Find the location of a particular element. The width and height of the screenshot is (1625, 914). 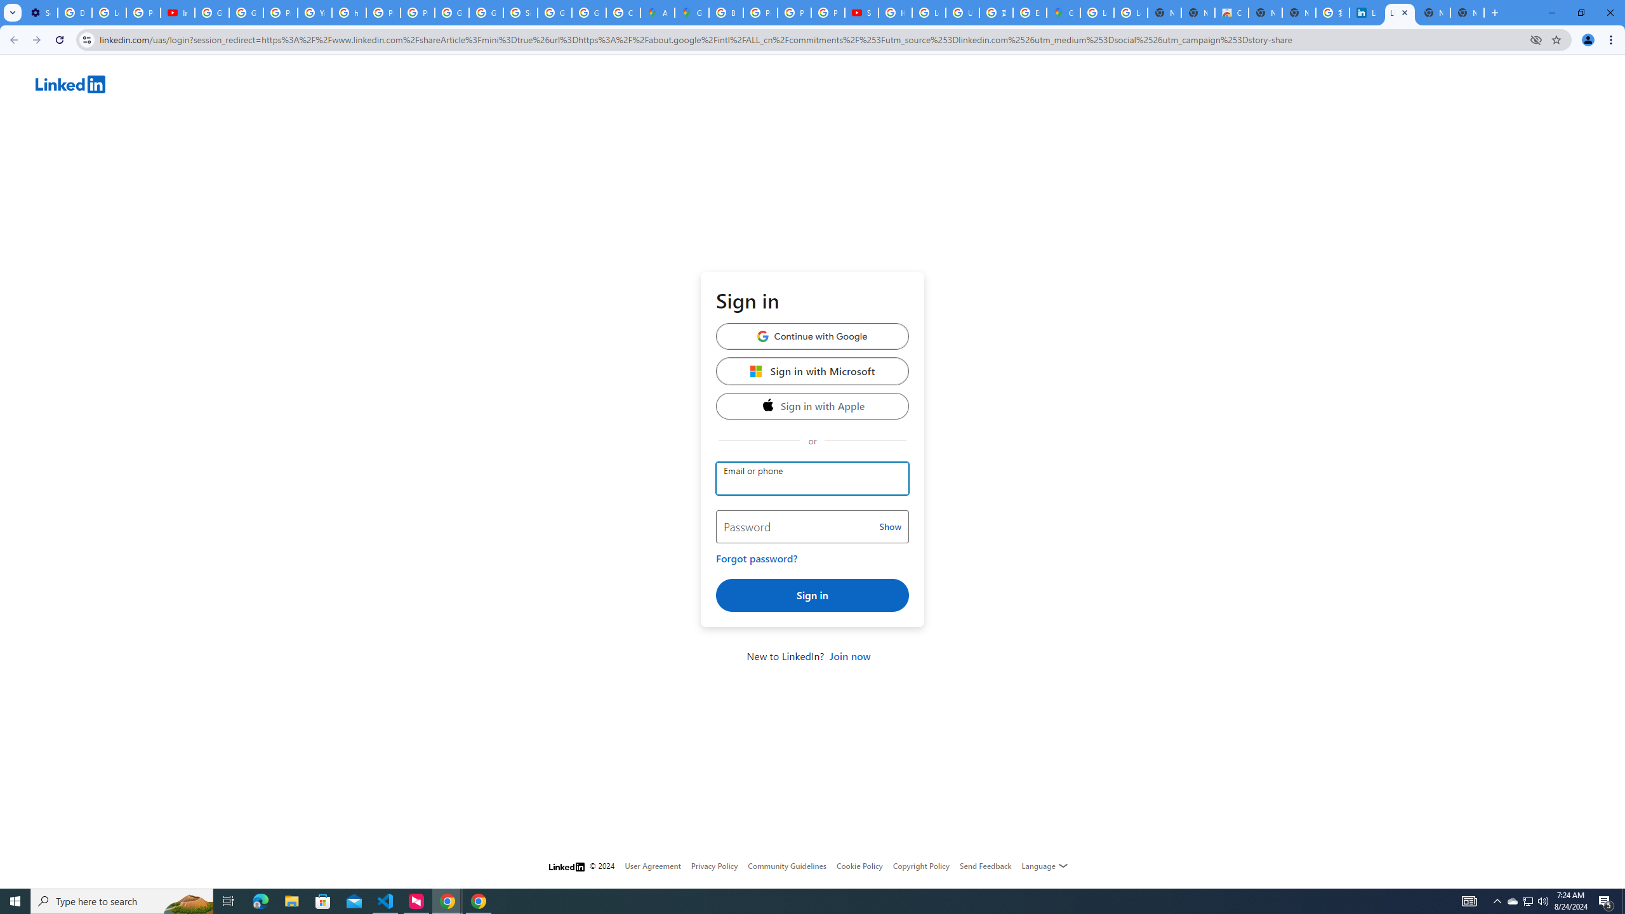

'Explore new street-level details - Google Maps Help' is located at coordinates (1030, 12).